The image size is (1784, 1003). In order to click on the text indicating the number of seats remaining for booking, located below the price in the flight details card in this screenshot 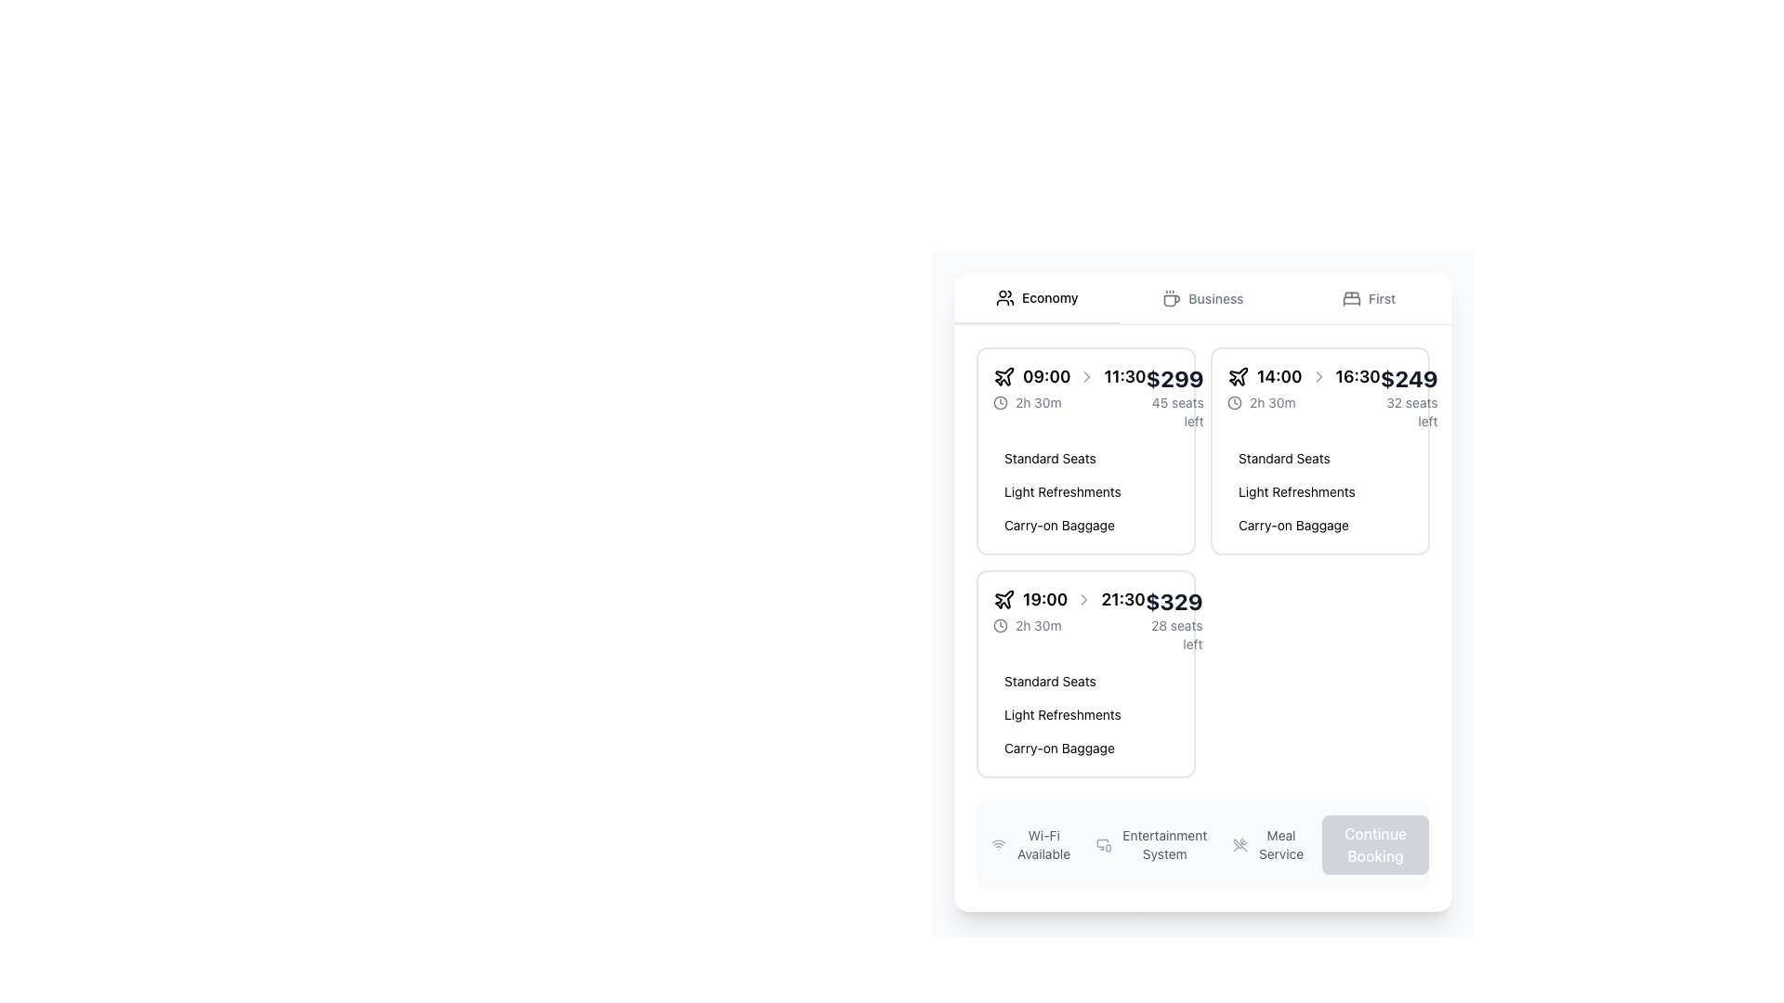, I will do `click(1174, 397)`.